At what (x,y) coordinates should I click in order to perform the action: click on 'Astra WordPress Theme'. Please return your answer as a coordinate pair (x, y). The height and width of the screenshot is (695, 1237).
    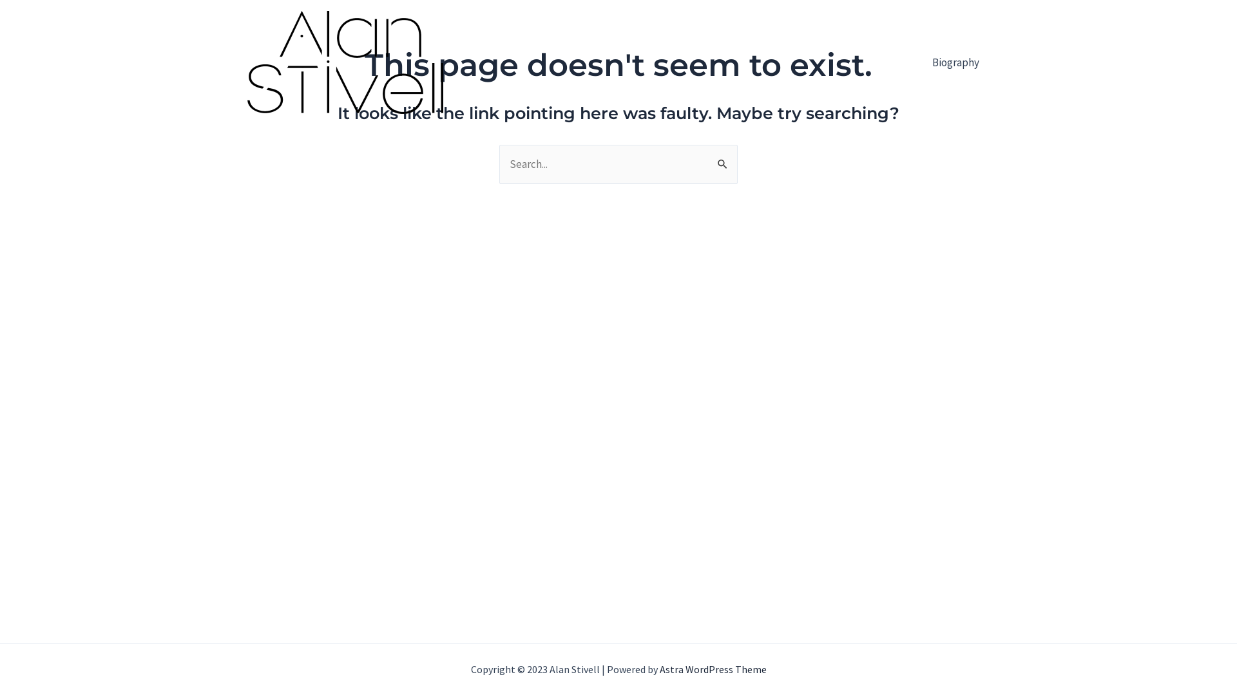
    Looking at the image, I should click on (713, 669).